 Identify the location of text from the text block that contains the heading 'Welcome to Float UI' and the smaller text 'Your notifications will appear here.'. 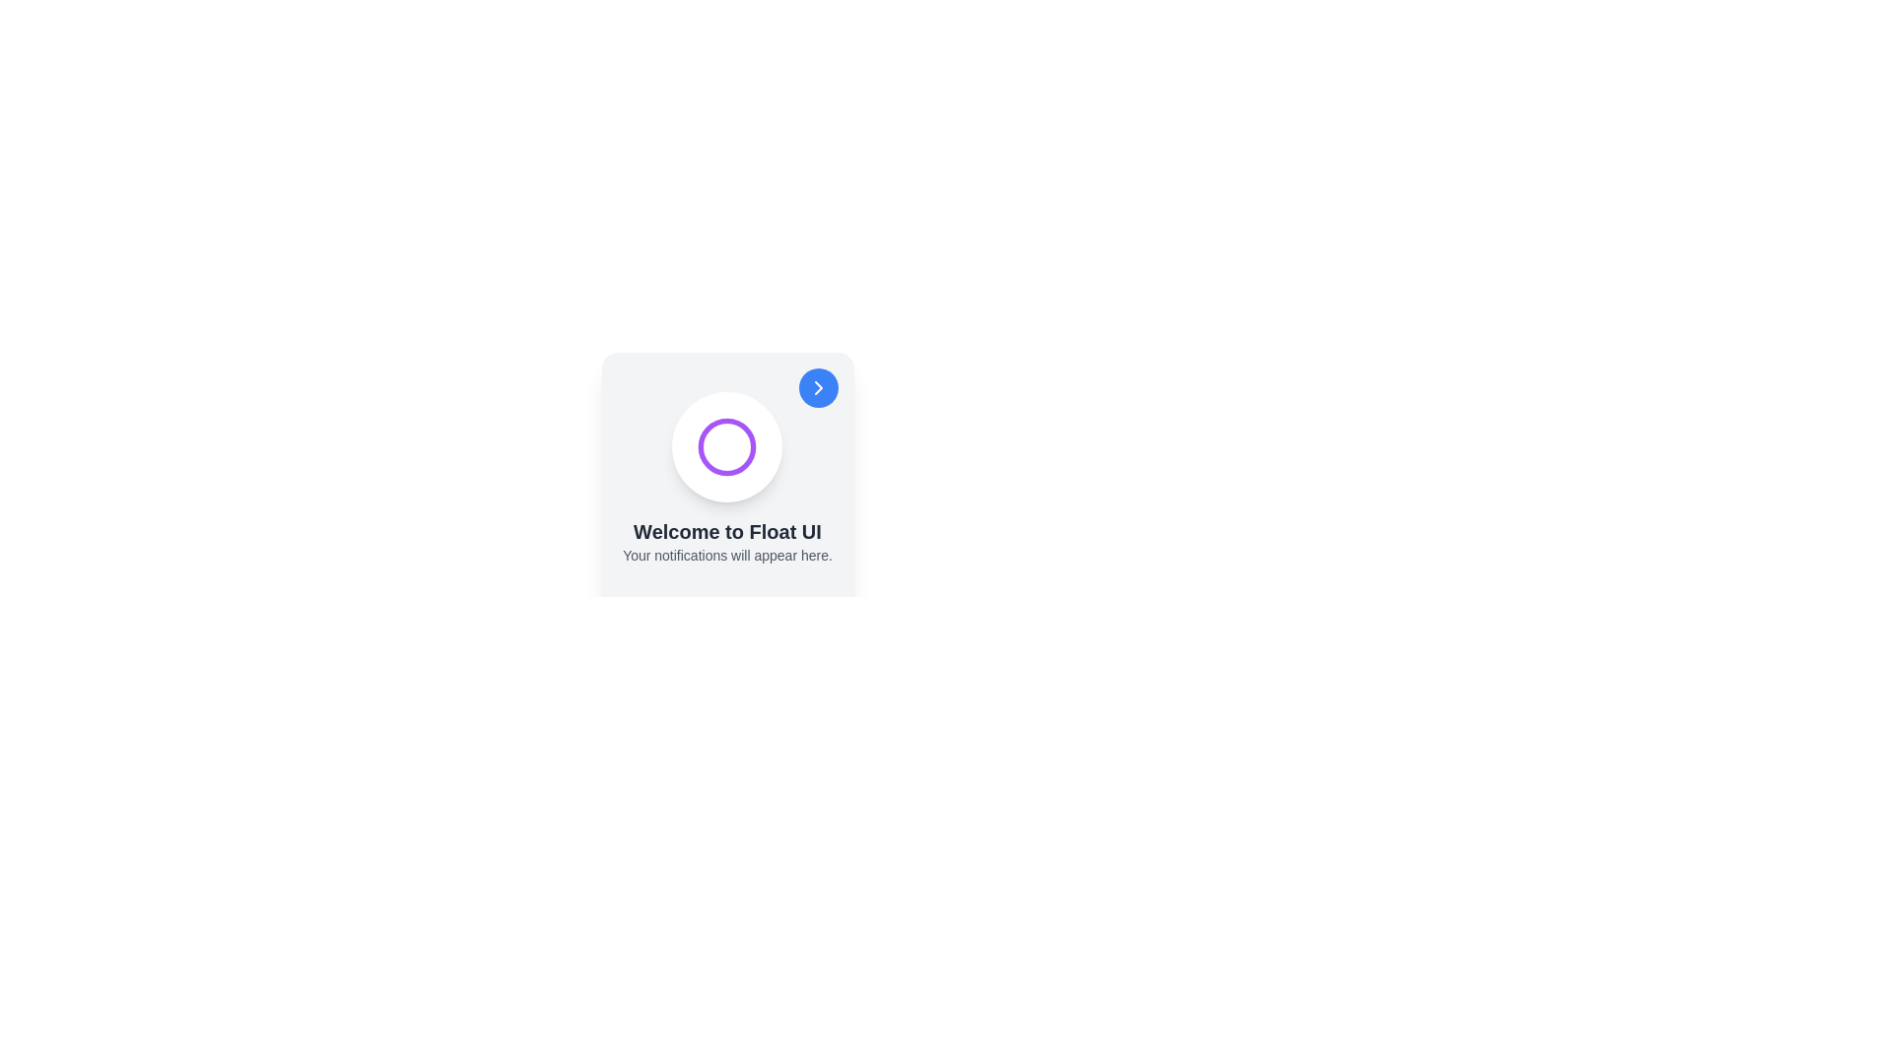
(726, 542).